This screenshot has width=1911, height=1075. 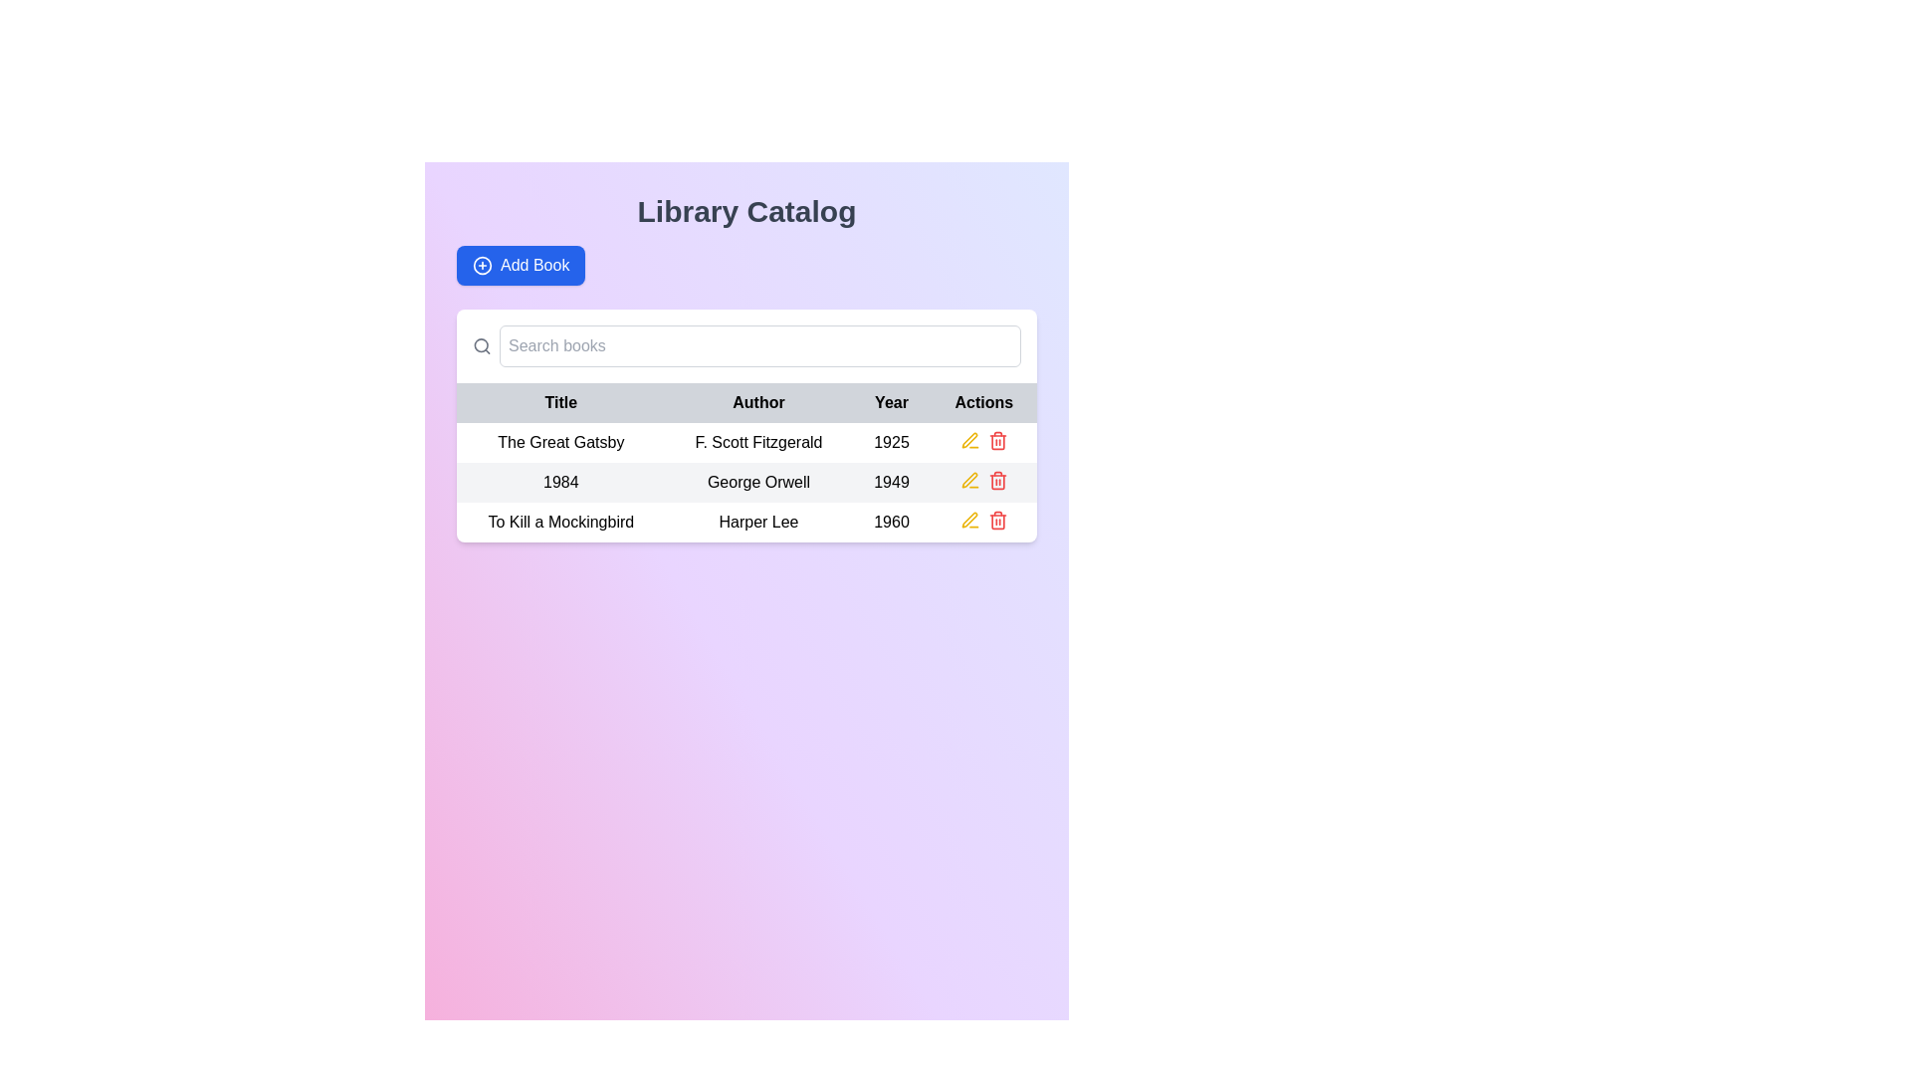 What do you see at coordinates (891, 521) in the screenshot?
I see `the static text element displaying '1960' located in the third row and third column of the table under the 'Year' column` at bounding box center [891, 521].